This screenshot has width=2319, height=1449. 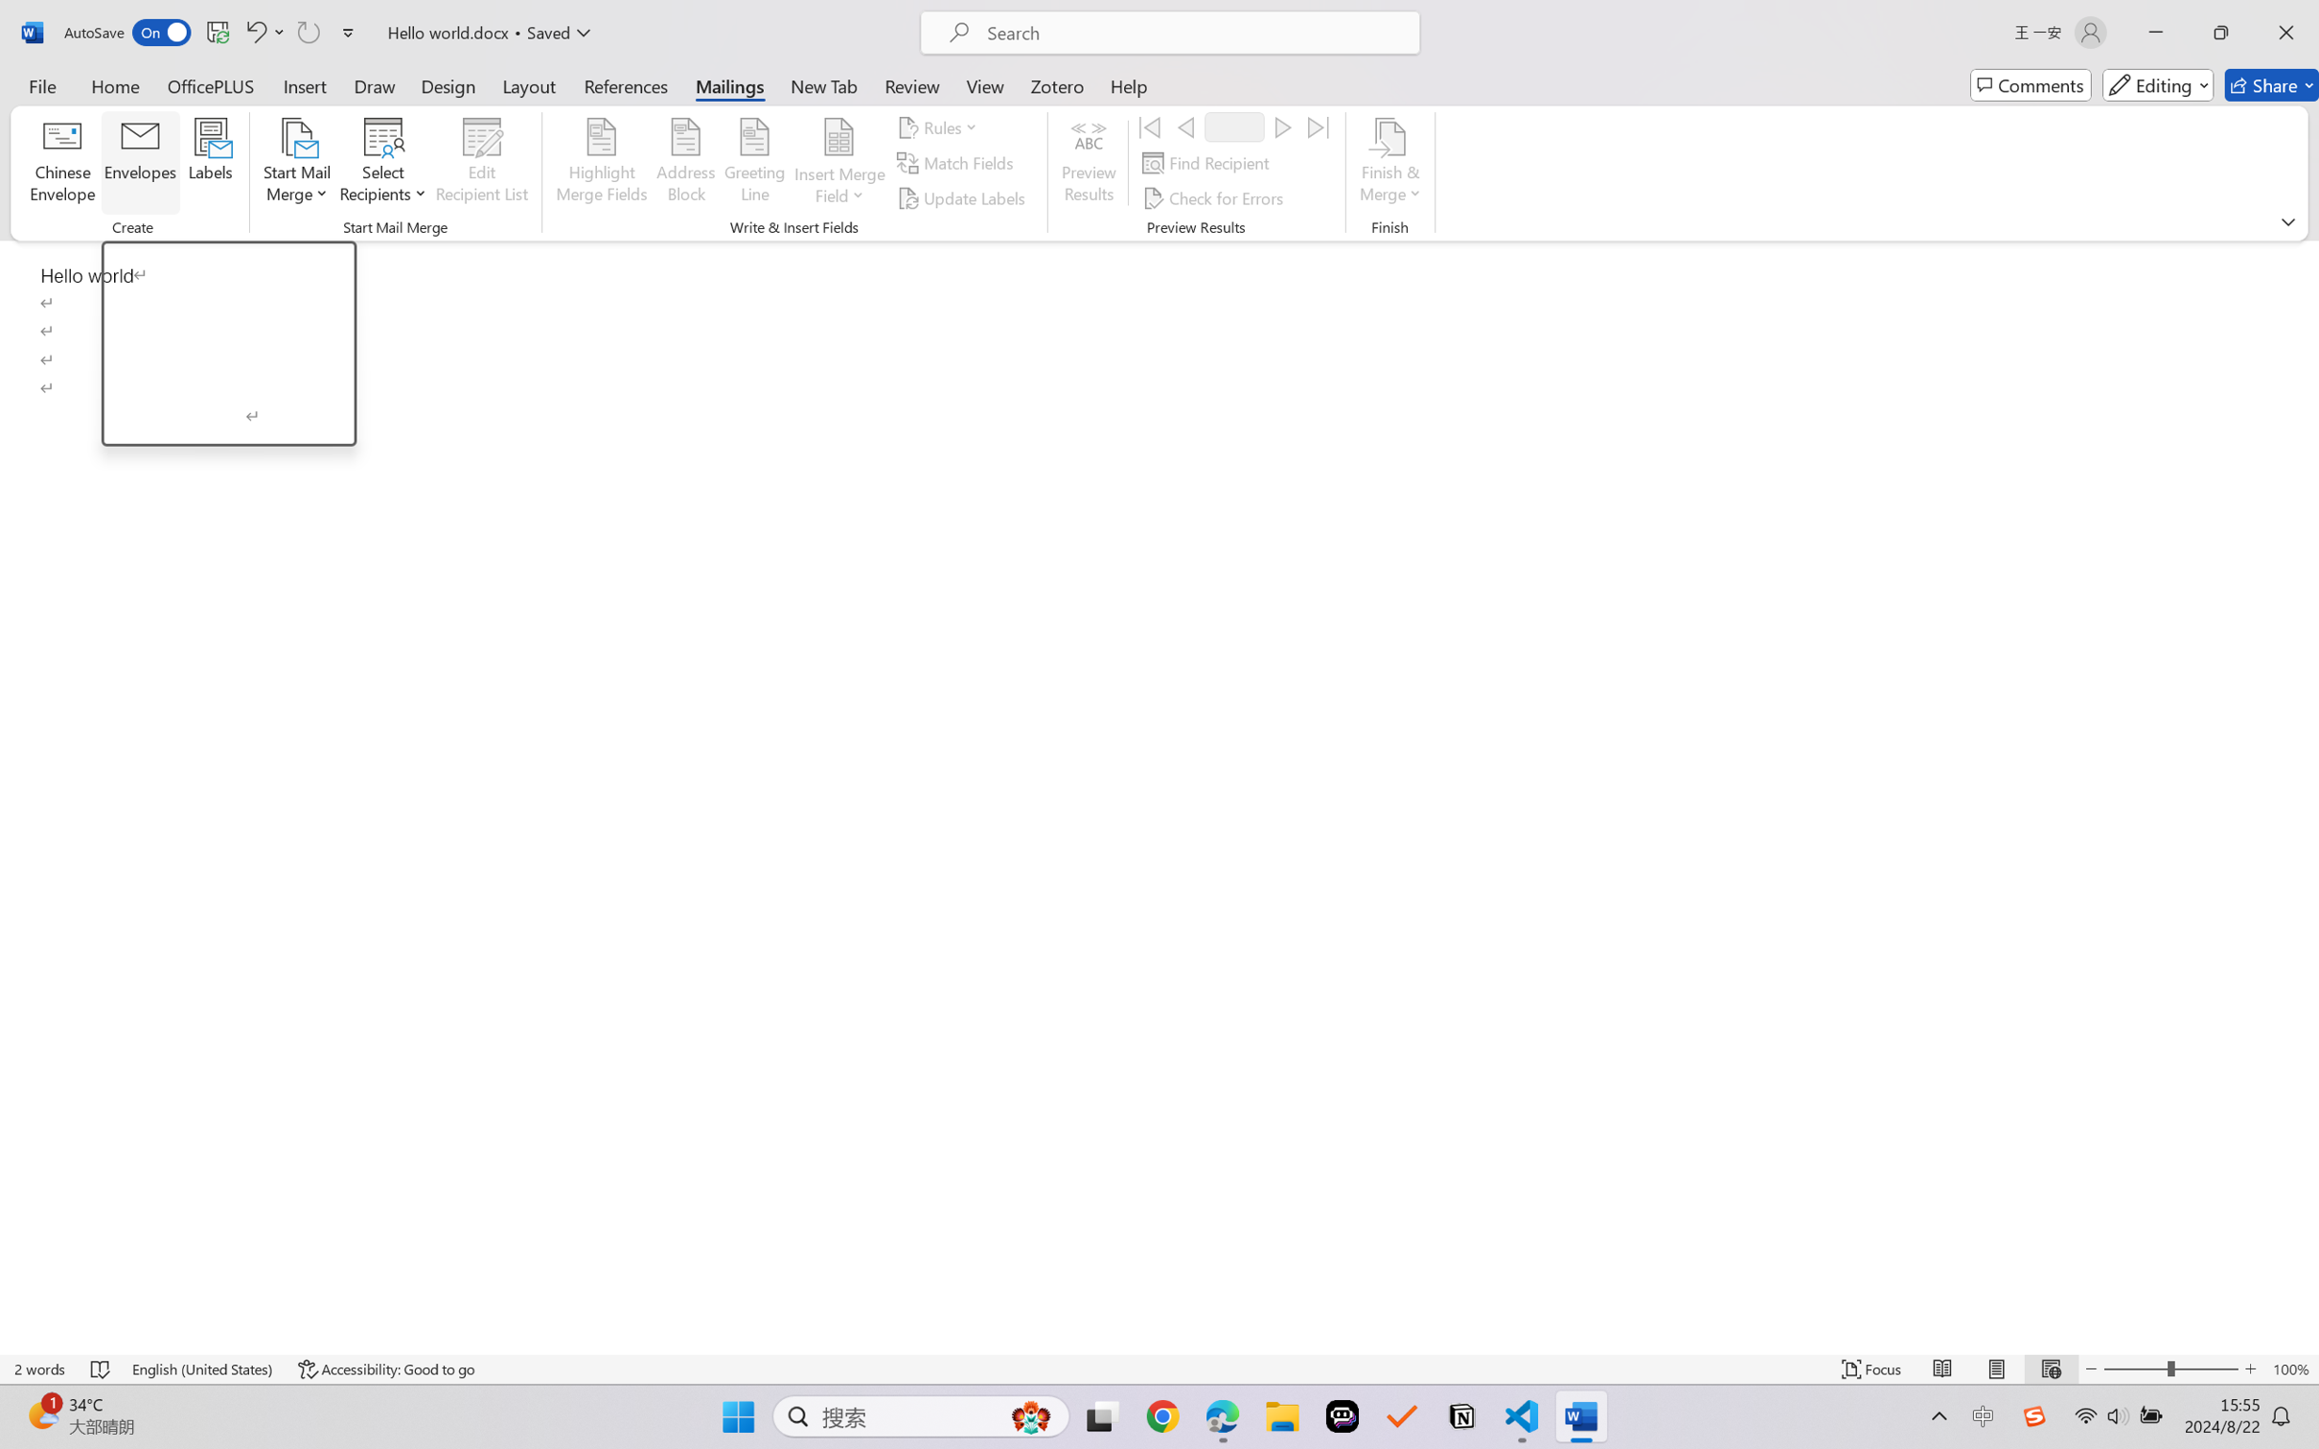 I want to click on 'OfficePLUS', so click(x=209, y=84).